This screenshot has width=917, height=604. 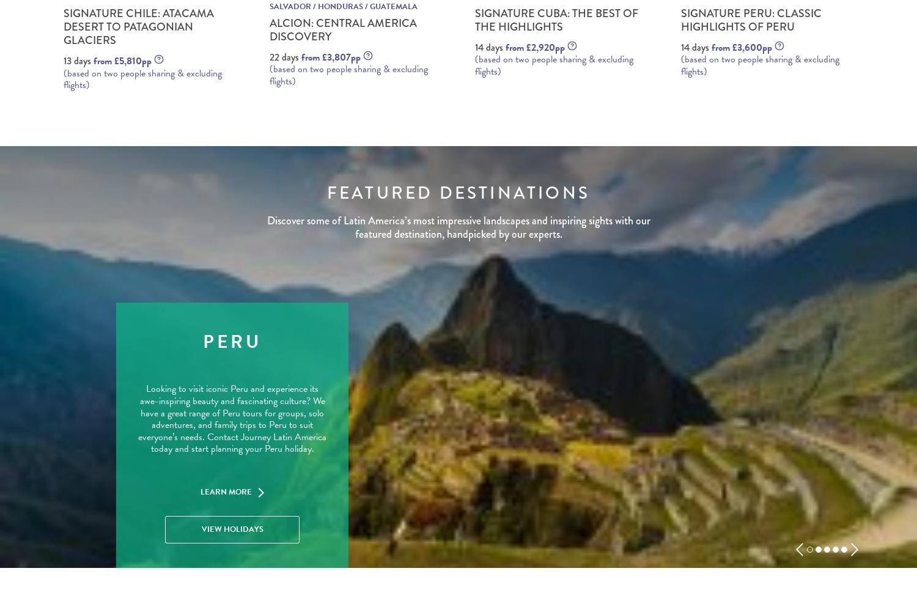 What do you see at coordinates (457, 193) in the screenshot?
I see `'Featured Destinations'` at bounding box center [457, 193].